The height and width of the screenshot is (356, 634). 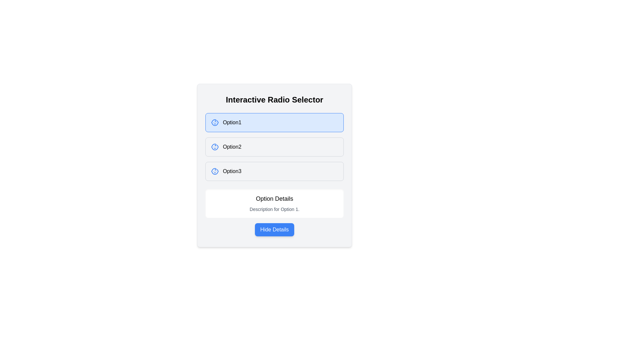 I want to click on the blue icon resembling a baby's face, located to the left of the text 'Option1' in the radio list interface for context, so click(x=215, y=122).